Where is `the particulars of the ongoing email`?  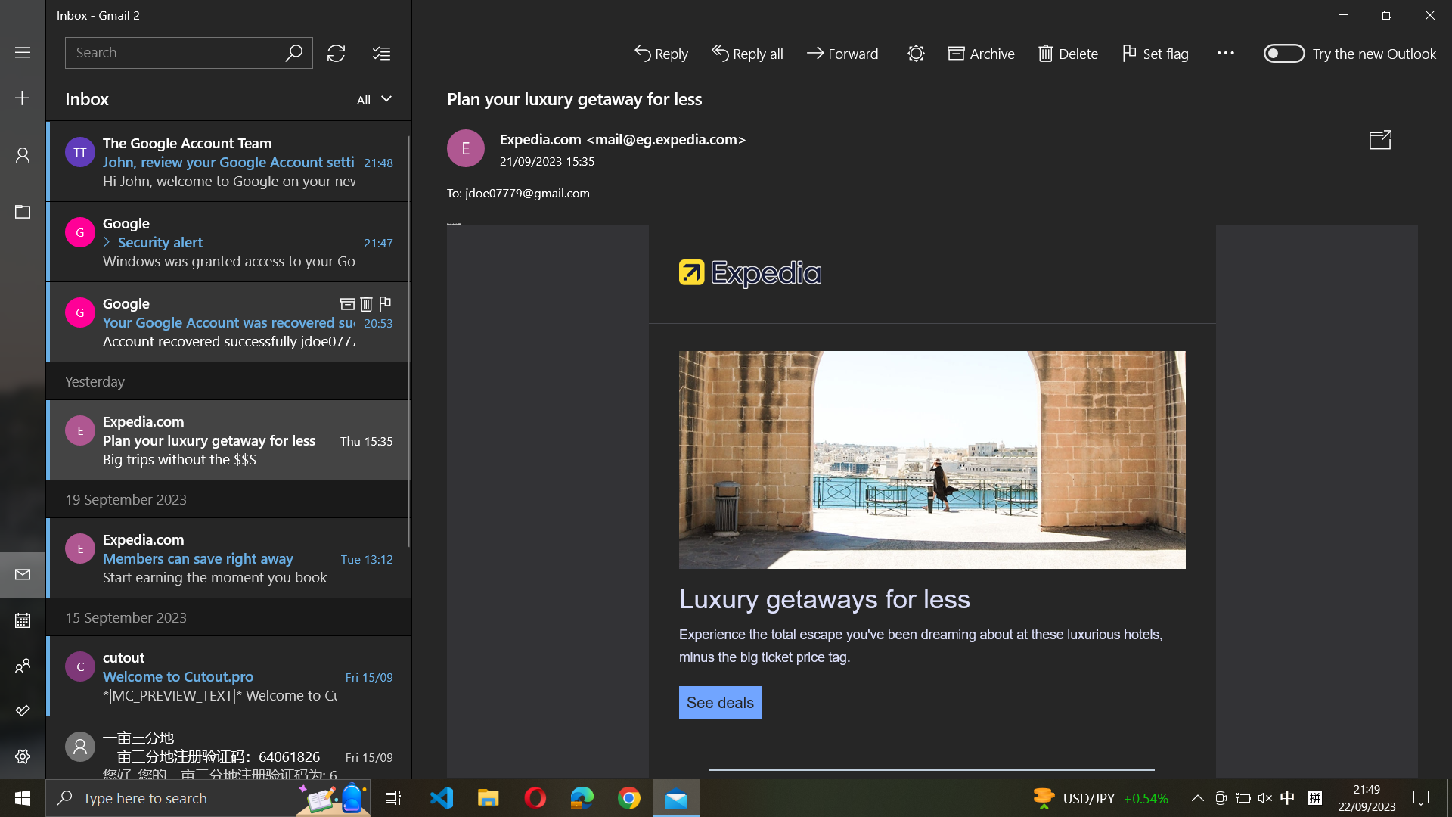
the particulars of the ongoing email is located at coordinates (719, 701).